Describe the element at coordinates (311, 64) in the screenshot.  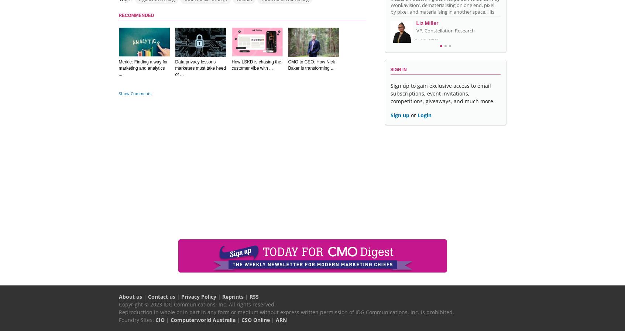
I see `'CMO to CEO: How Nick Baker is transforming ...'` at that location.